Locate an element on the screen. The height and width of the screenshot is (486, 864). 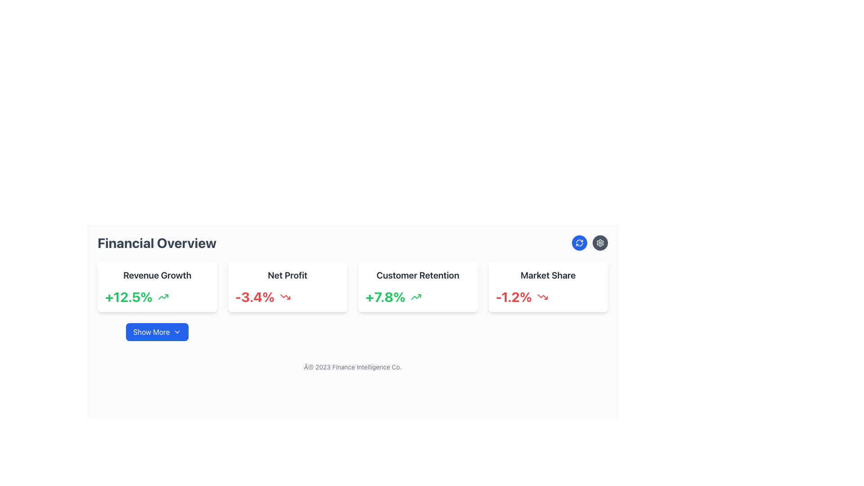
text from the 'Market Share' label, which is displayed in bold dark gray font at the top of the rightmost card in a series of four cards is located at coordinates (548, 275).